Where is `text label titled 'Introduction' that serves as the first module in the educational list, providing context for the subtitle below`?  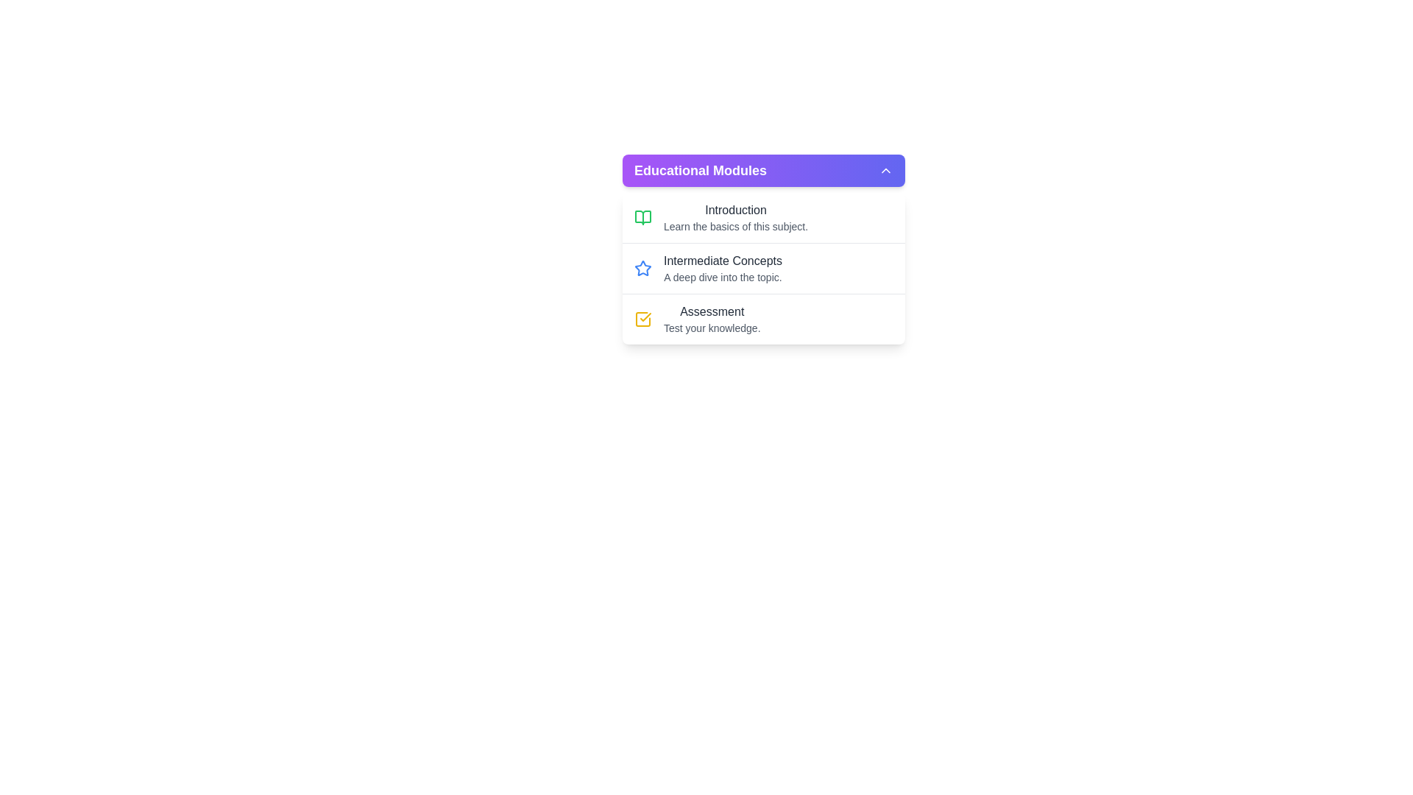 text label titled 'Introduction' that serves as the first module in the educational list, providing context for the subtitle below is located at coordinates (736, 210).